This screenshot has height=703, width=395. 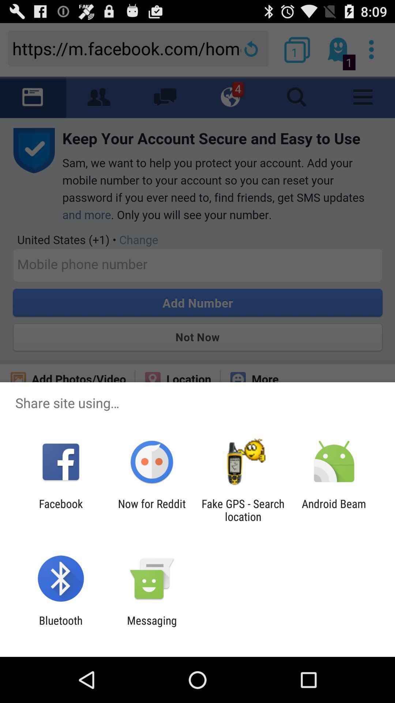 I want to click on item next to the fake gps search icon, so click(x=151, y=510).